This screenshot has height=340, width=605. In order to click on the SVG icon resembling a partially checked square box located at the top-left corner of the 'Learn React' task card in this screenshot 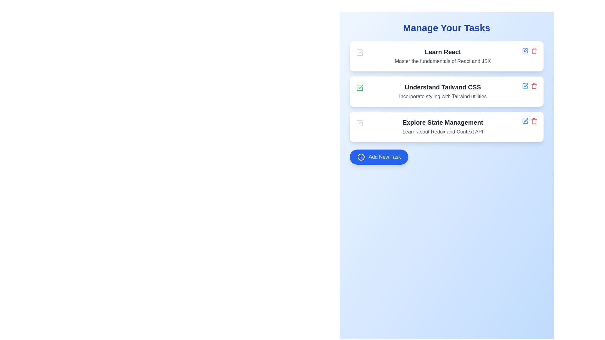, I will do `click(360, 52)`.